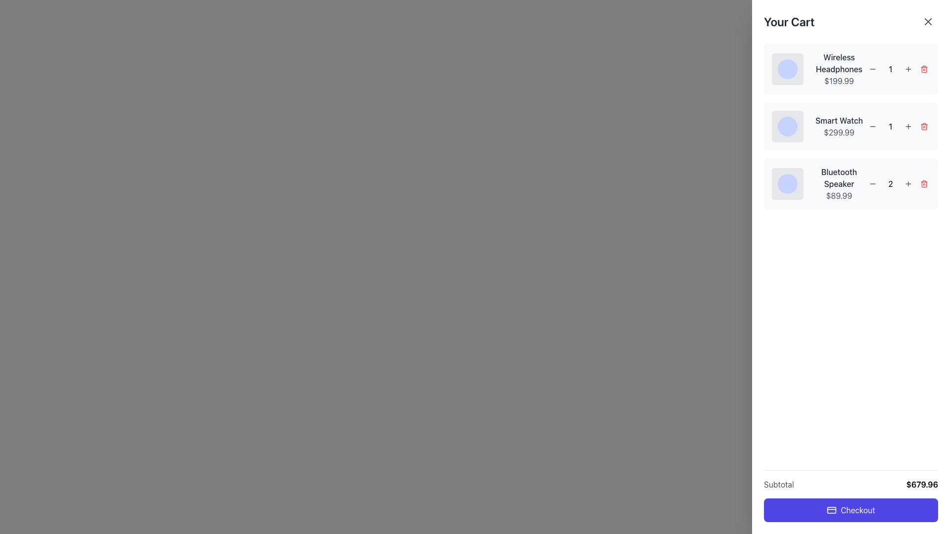 The width and height of the screenshot is (950, 534). Describe the element at coordinates (891, 68) in the screenshot. I see `the quantity display of the first item in the shopping cart, located between the decrement and increment buttons` at that location.